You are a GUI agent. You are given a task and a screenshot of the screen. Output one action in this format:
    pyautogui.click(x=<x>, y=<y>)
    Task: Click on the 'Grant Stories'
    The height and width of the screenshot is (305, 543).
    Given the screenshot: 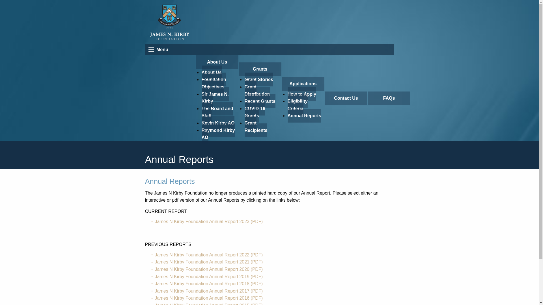 What is the action you would take?
    pyautogui.click(x=258, y=79)
    